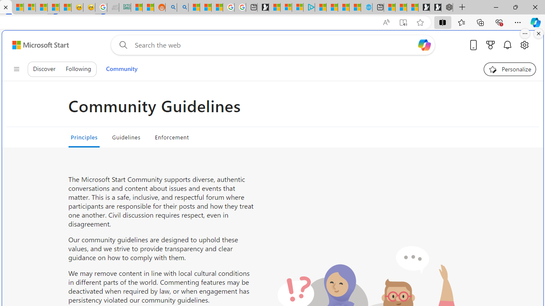 The width and height of the screenshot is (545, 306). What do you see at coordinates (84, 136) in the screenshot?
I see `'Principles'` at bounding box center [84, 136].